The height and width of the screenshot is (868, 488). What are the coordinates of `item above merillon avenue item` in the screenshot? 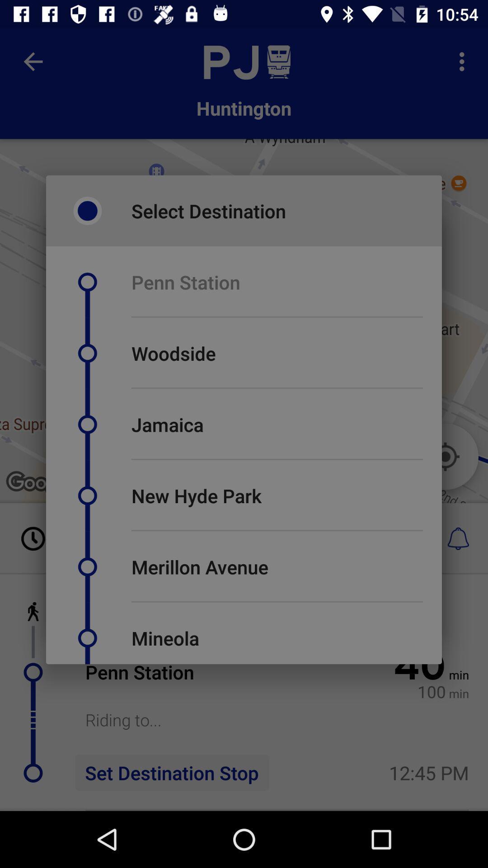 It's located at (277, 530).